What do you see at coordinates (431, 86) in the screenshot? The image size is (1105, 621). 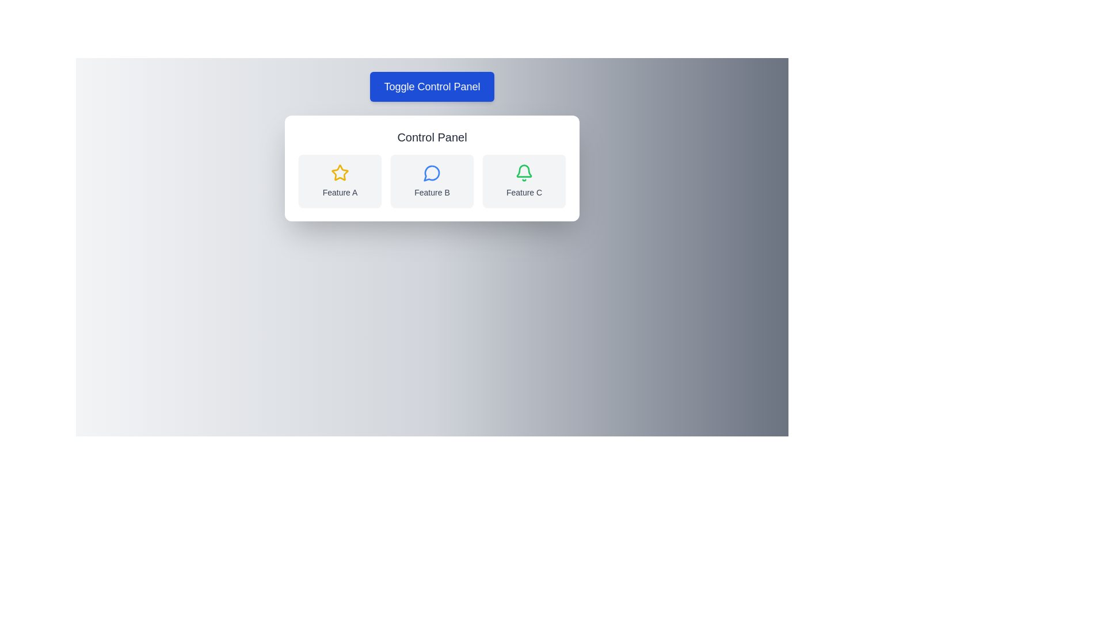 I see `the blue button labeled 'Toggle Control Panel'` at bounding box center [431, 86].